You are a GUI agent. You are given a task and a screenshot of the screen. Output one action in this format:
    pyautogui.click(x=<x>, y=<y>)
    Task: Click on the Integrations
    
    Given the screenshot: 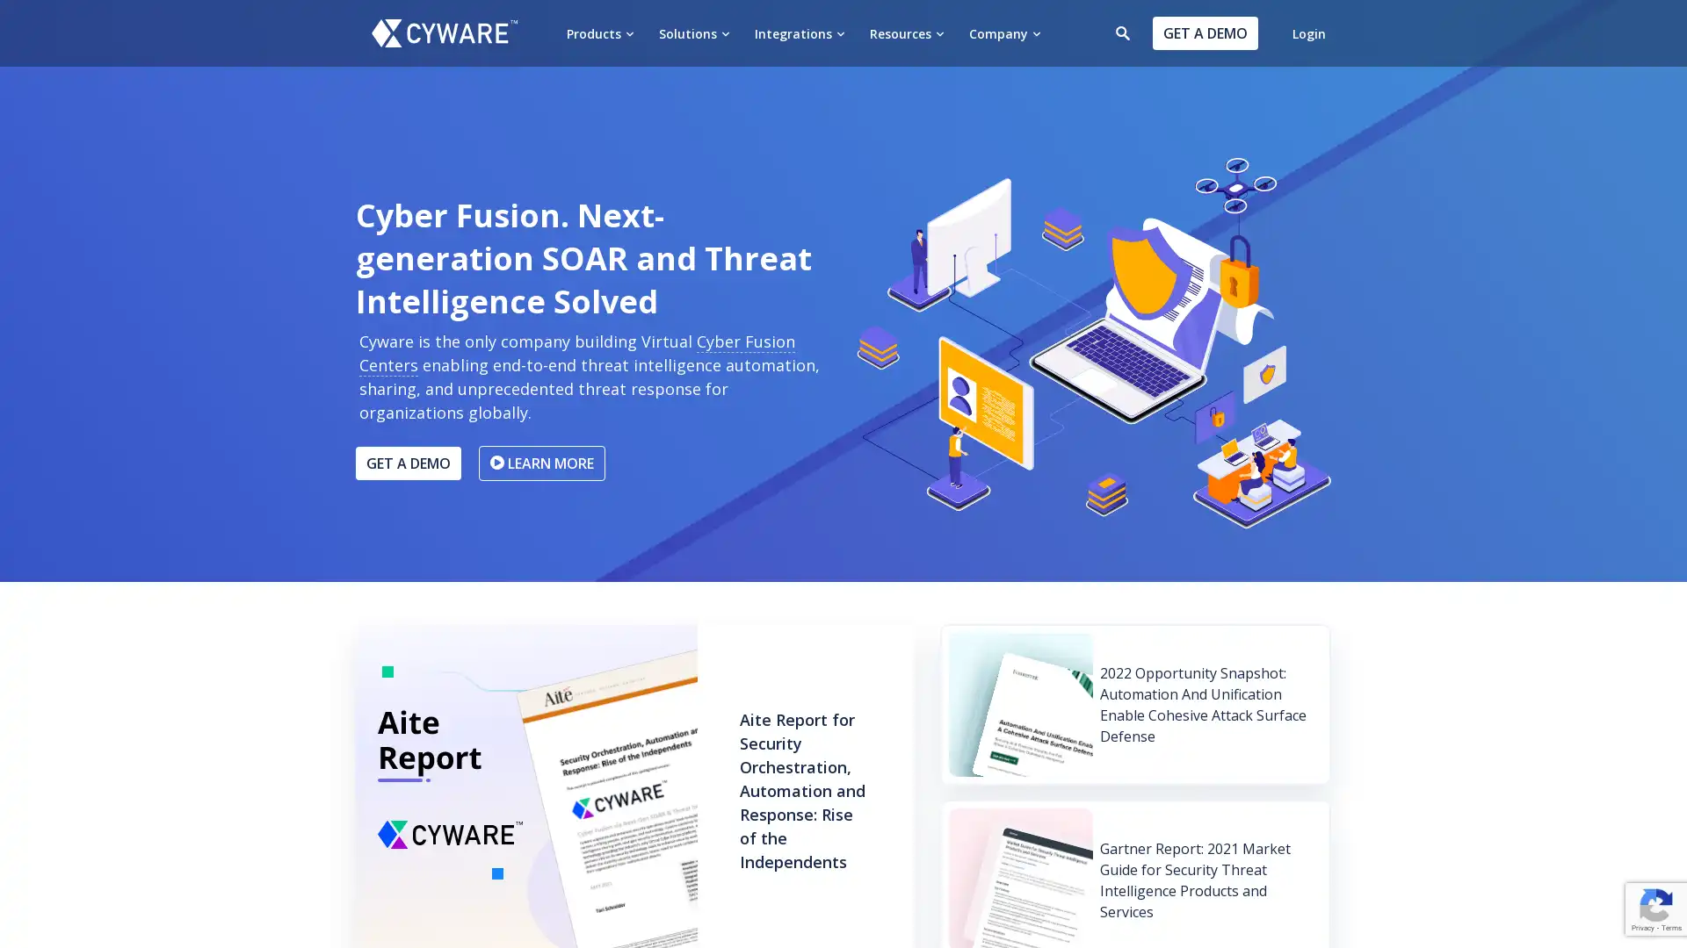 What is the action you would take?
    pyautogui.click(x=799, y=32)
    